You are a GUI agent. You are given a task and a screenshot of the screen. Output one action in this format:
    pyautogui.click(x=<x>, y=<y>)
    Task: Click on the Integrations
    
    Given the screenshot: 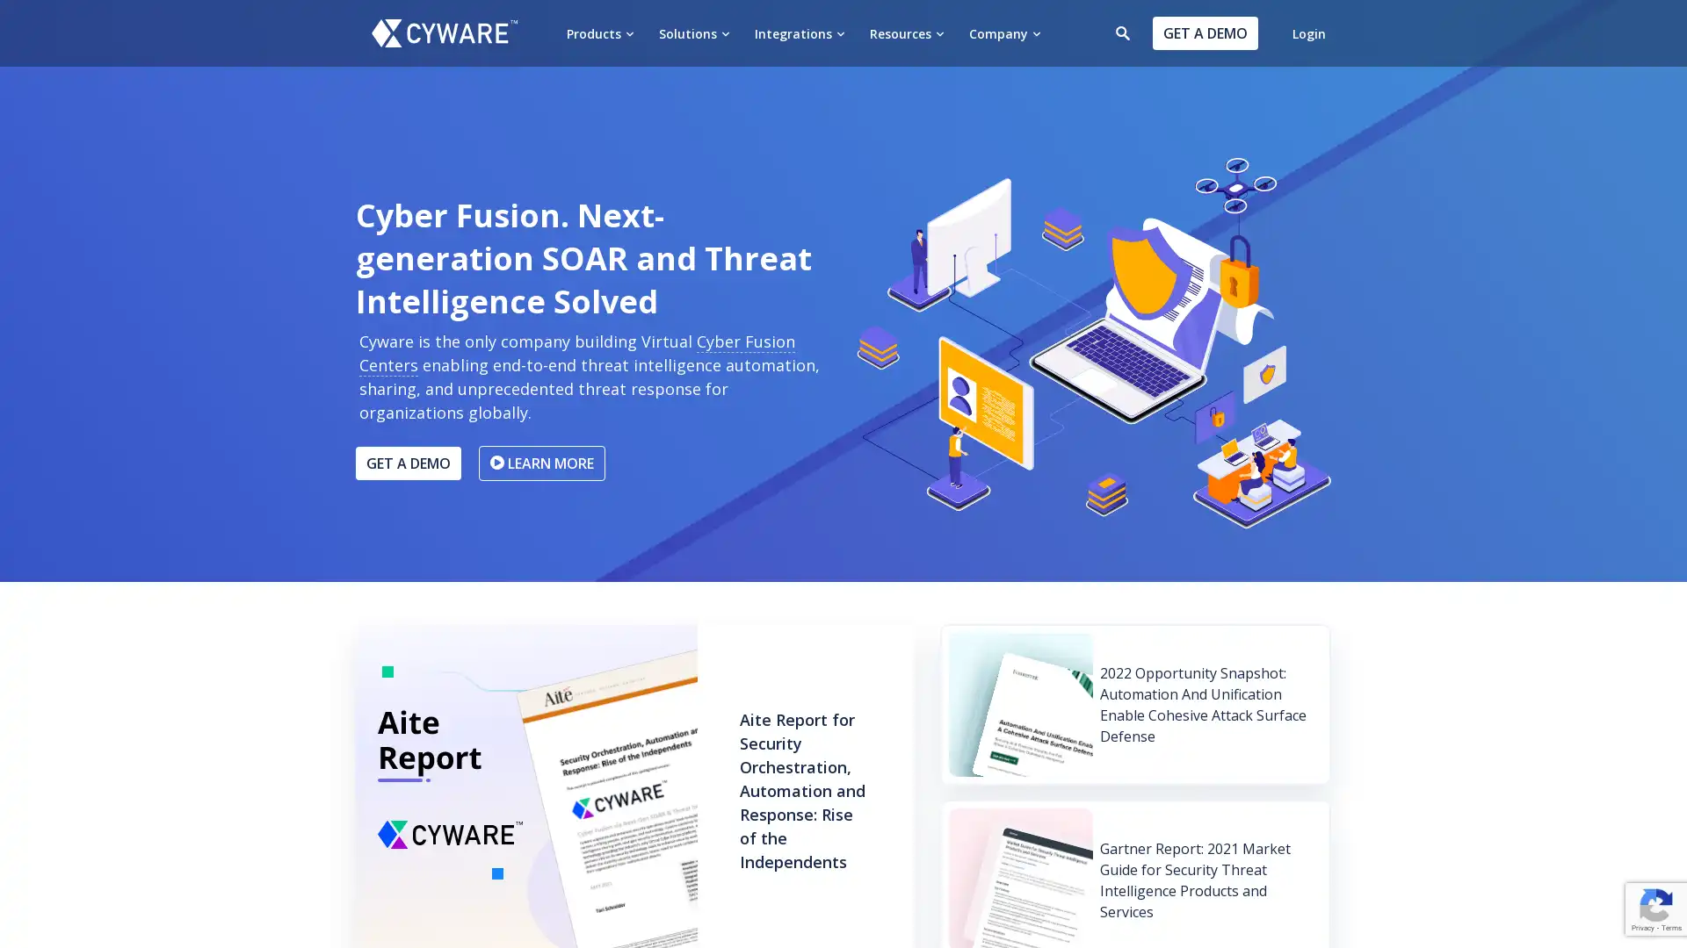 What is the action you would take?
    pyautogui.click(x=799, y=32)
    